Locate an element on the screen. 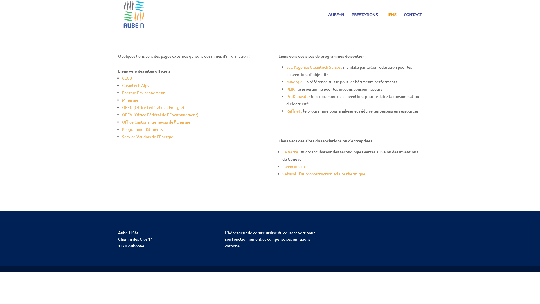 The height and width of the screenshot is (304, 540). 'Cleantech Alps' is located at coordinates (135, 85).